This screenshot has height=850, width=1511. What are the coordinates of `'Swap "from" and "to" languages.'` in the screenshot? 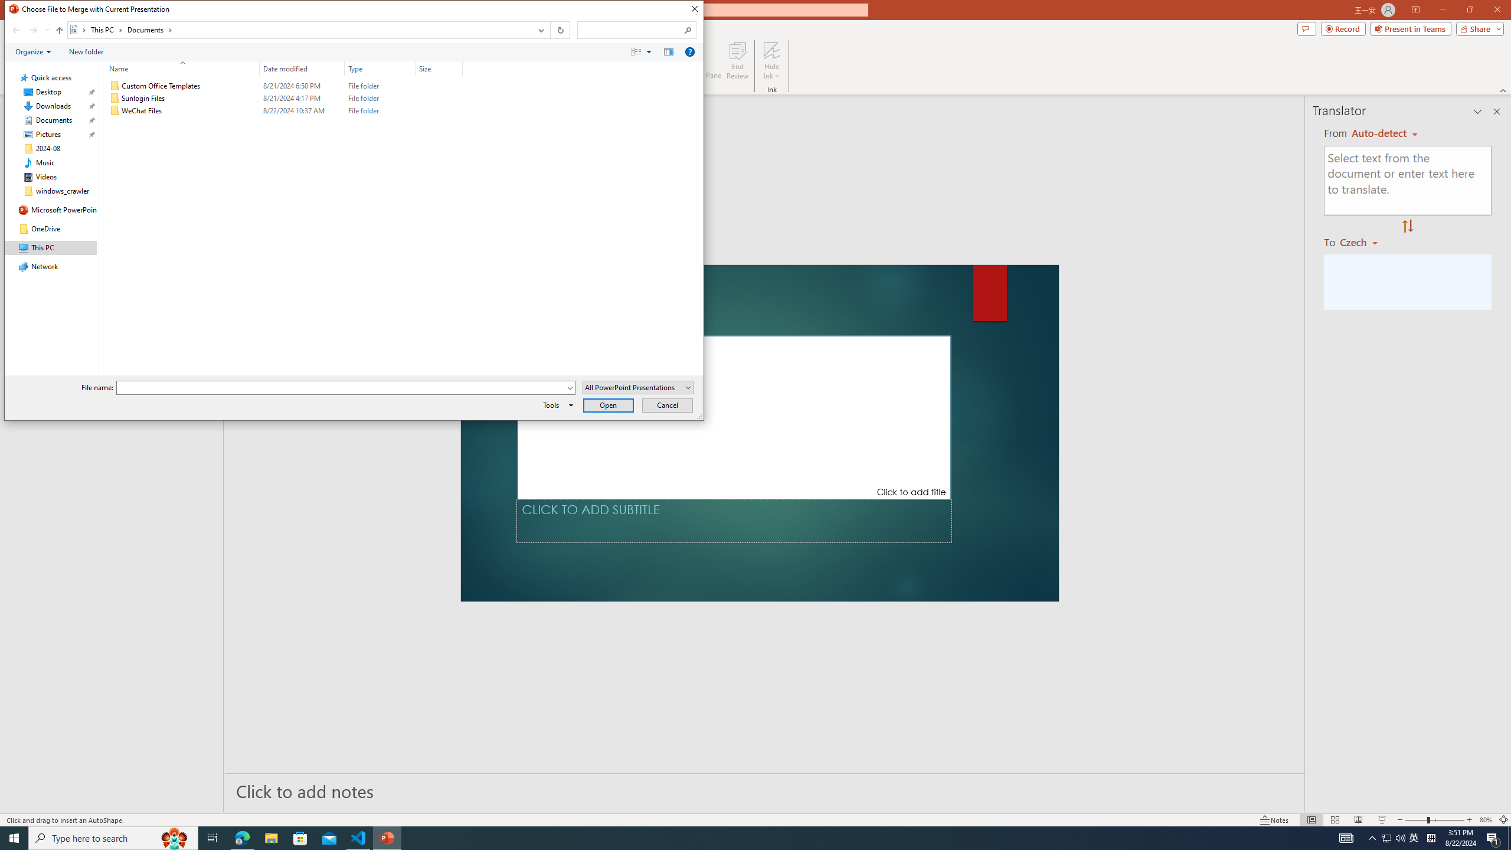 It's located at (1407, 226).